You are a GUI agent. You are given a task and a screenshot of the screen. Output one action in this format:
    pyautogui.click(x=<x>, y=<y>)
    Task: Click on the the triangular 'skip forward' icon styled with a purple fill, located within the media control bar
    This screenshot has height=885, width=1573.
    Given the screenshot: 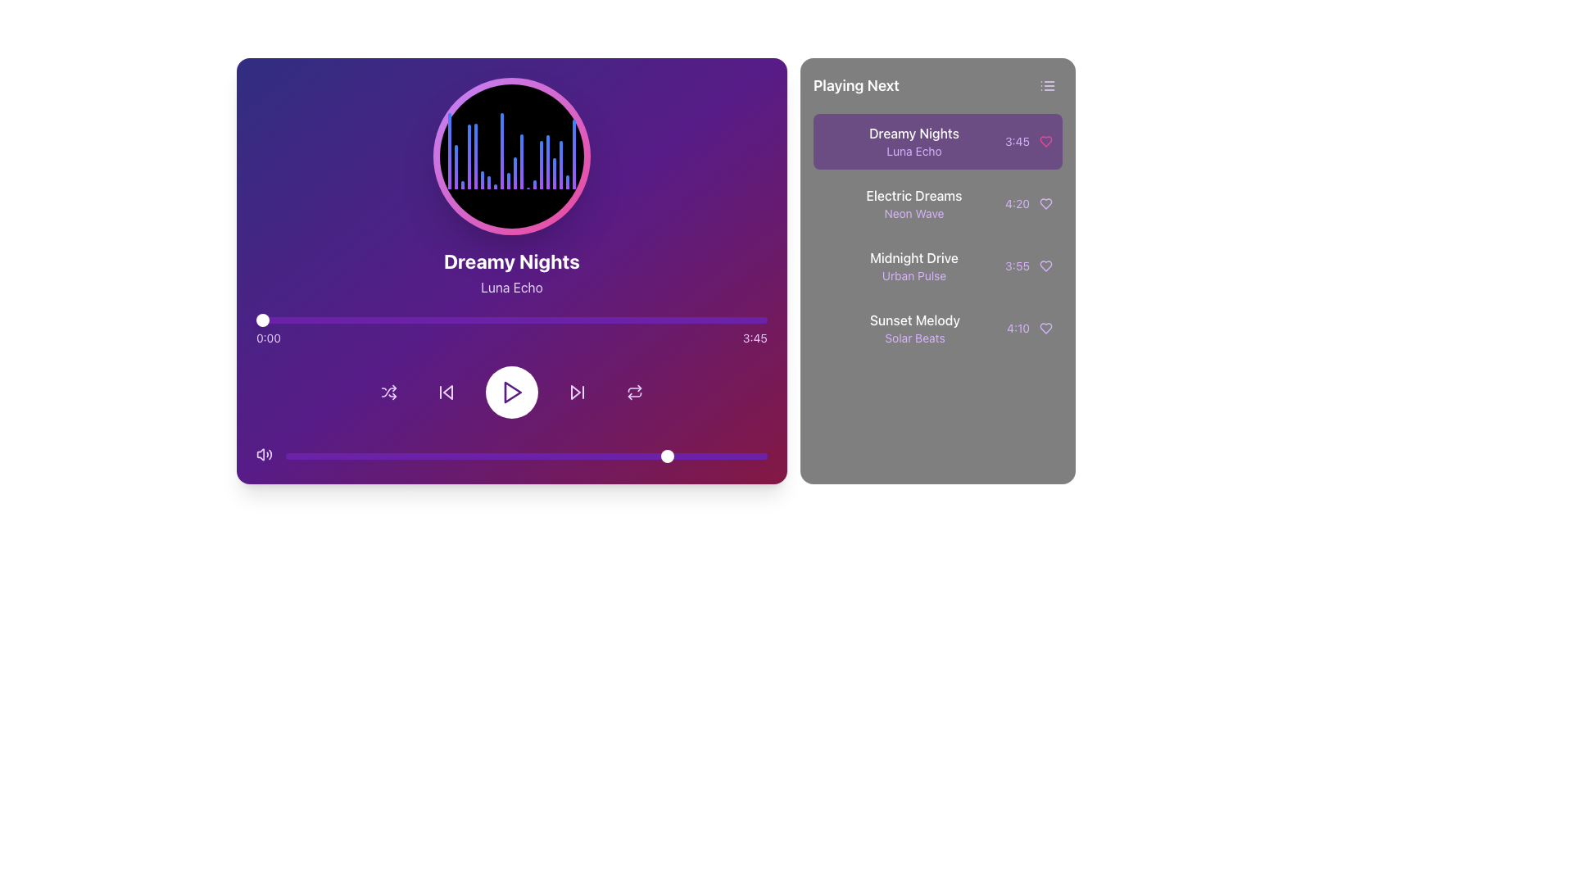 What is the action you would take?
    pyautogui.click(x=575, y=392)
    